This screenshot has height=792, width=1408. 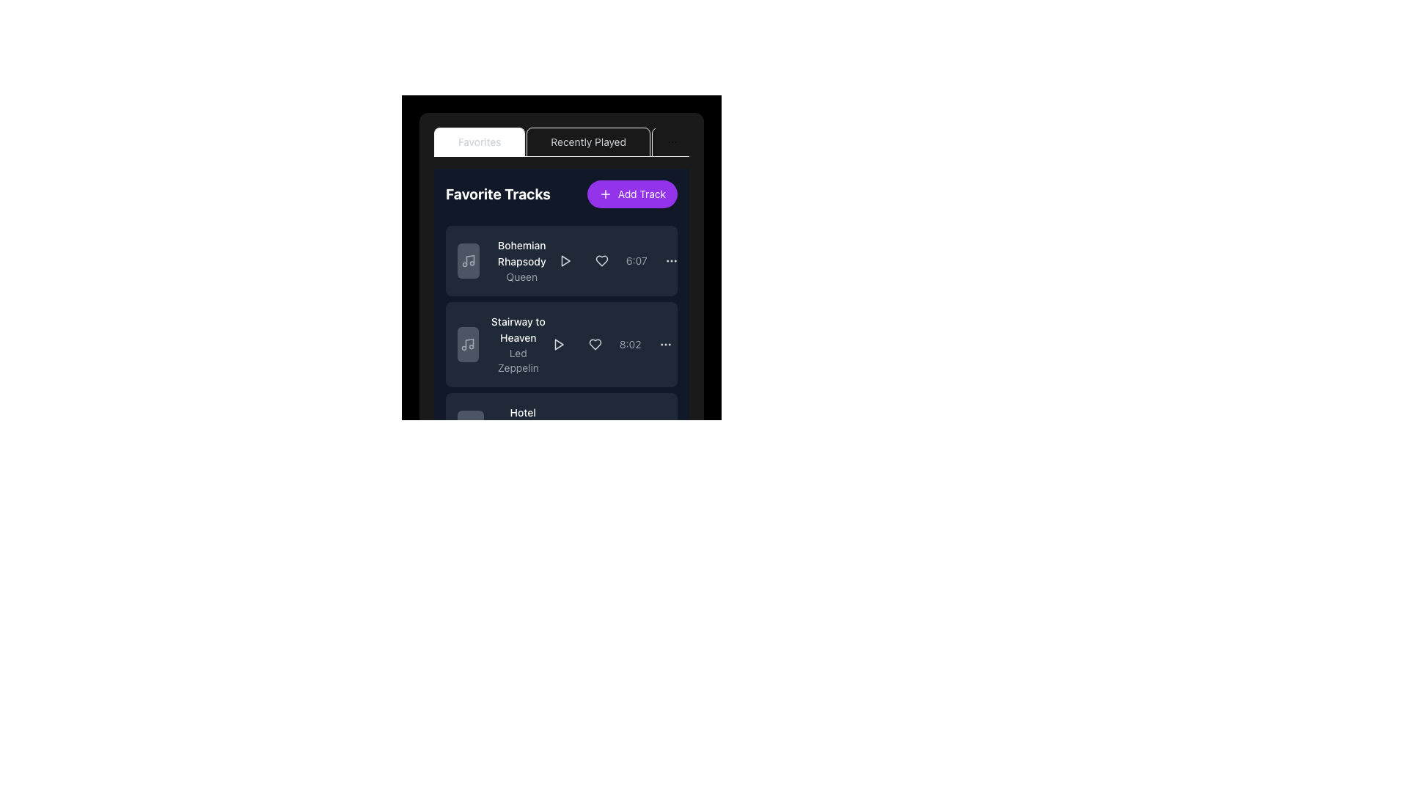 What do you see at coordinates (601, 260) in the screenshot?
I see `the heart icon button` at bounding box center [601, 260].